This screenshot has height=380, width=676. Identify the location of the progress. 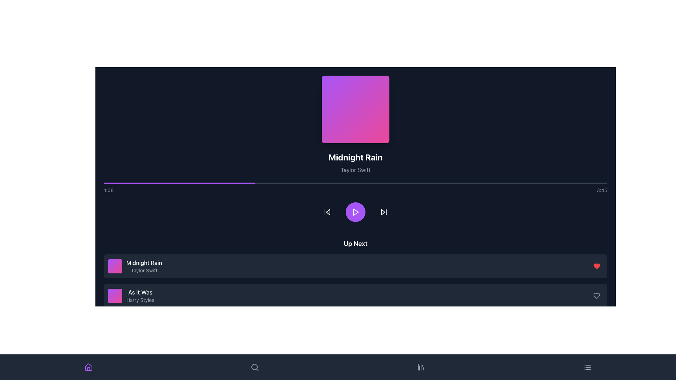
(426, 183).